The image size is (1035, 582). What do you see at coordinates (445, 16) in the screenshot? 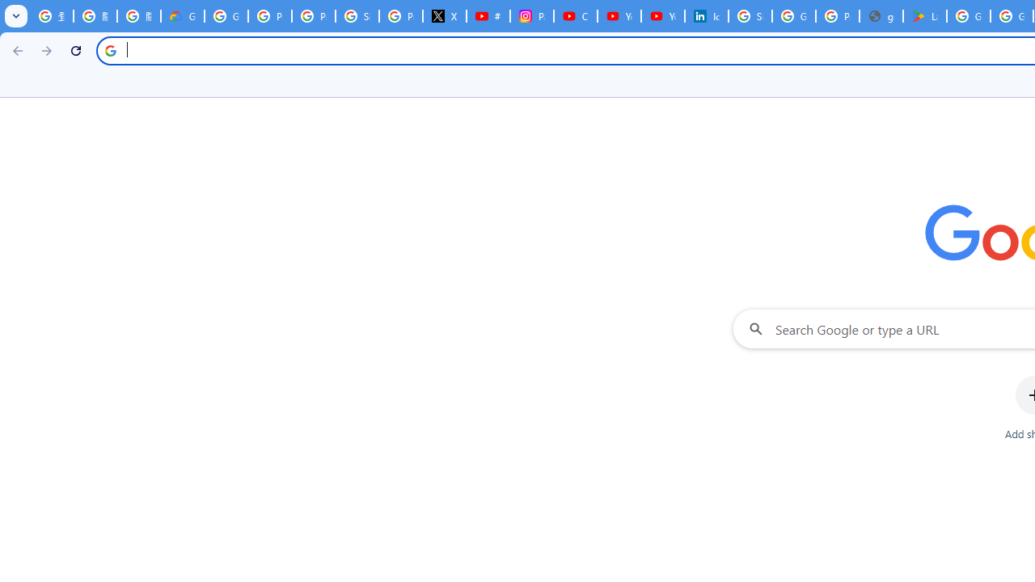
I see `'X'` at bounding box center [445, 16].